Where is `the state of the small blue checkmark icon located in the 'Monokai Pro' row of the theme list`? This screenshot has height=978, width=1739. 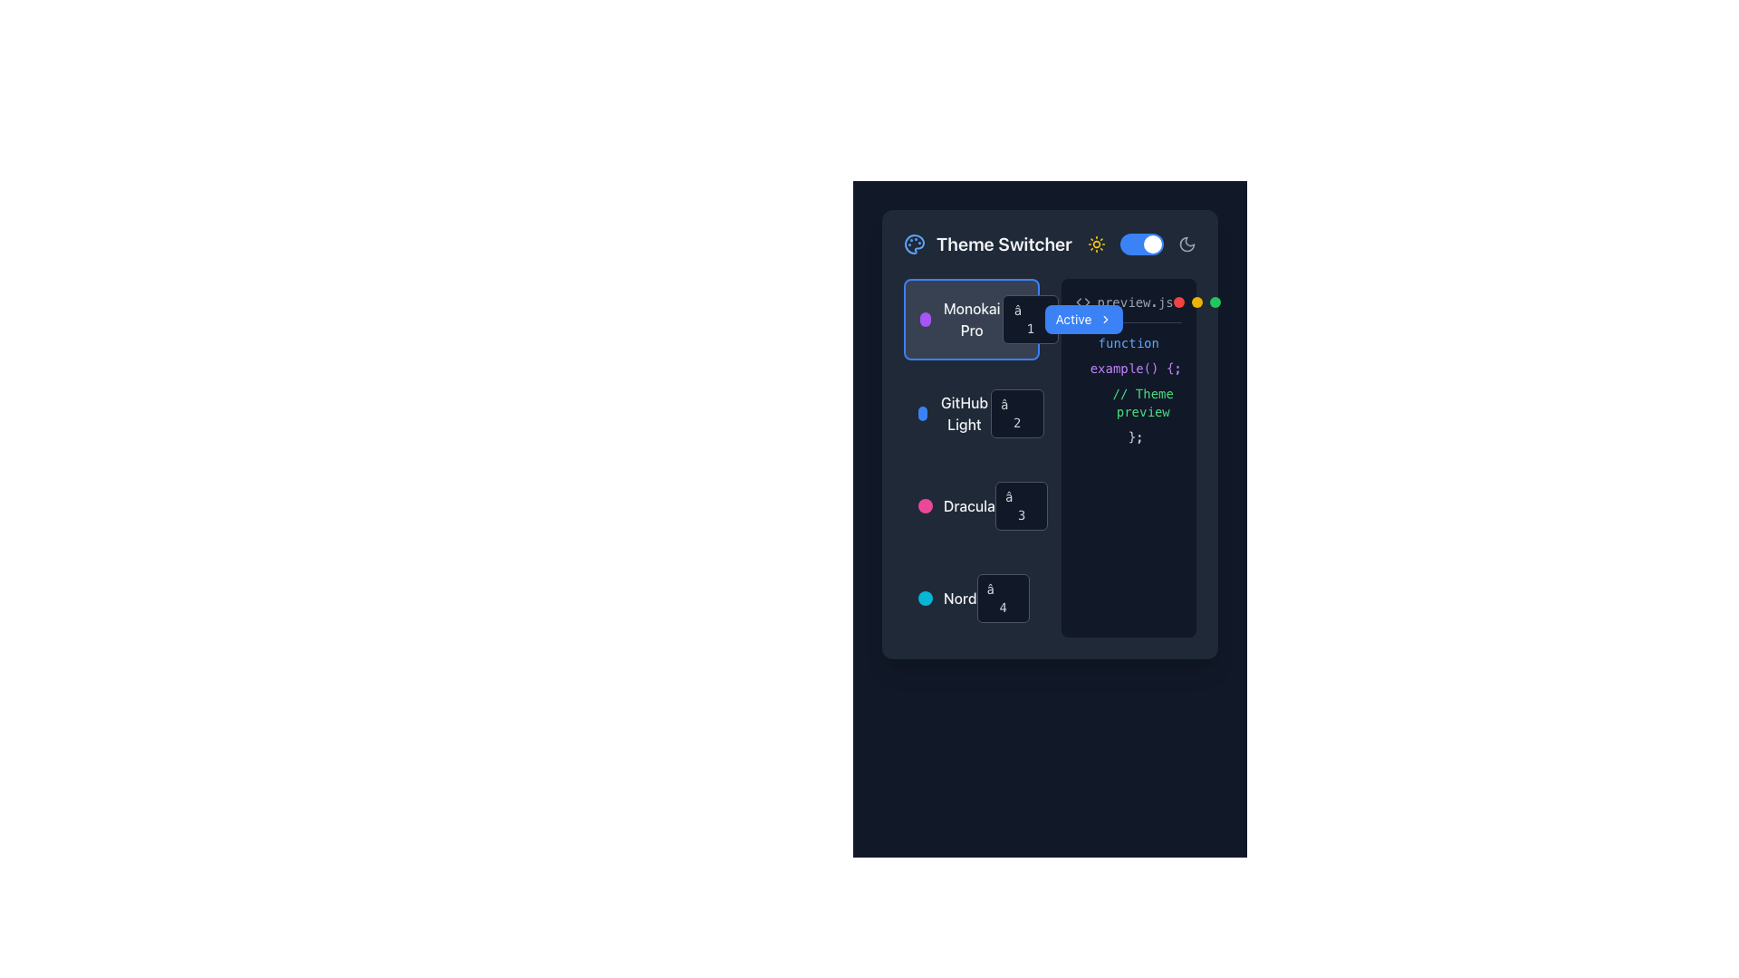
the state of the small blue checkmark icon located in the 'Monokai Pro' row of the theme list is located at coordinates (1076, 319).